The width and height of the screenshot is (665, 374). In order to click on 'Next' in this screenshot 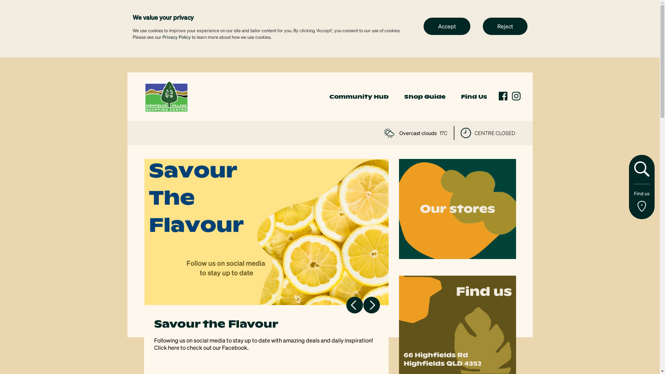, I will do `click(371, 304)`.